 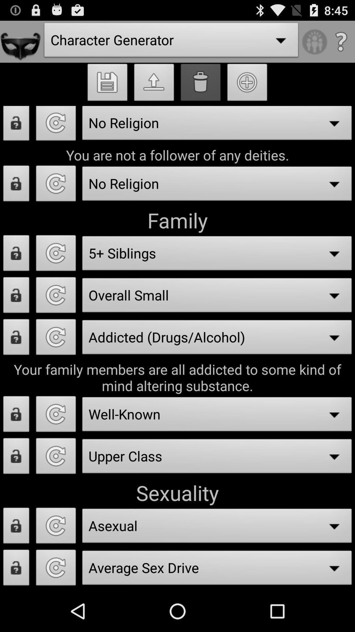 What do you see at coordinates (56, 297) in the screenshot?
I see `option` at bounding box center [56, 297].